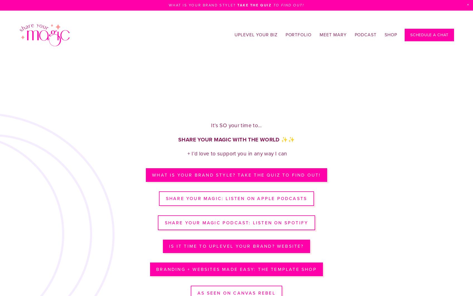 The height and width of the screenshot is (296, 473). I want to click on '+ I’d love to support you in any way I can', so click(236, 153).